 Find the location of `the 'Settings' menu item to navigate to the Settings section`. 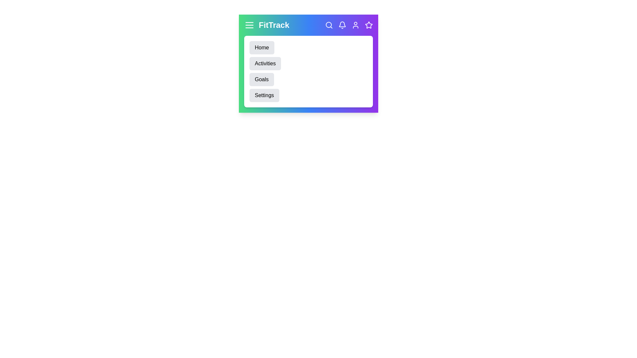

the 'Settings' menu item to navigate to the Settings section is located at coordinates (264, 95).